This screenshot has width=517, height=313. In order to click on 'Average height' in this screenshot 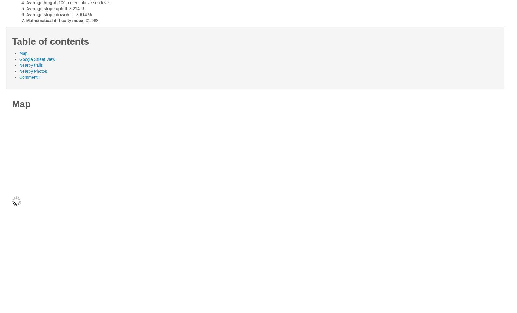, I will do `click(41, 3)`.